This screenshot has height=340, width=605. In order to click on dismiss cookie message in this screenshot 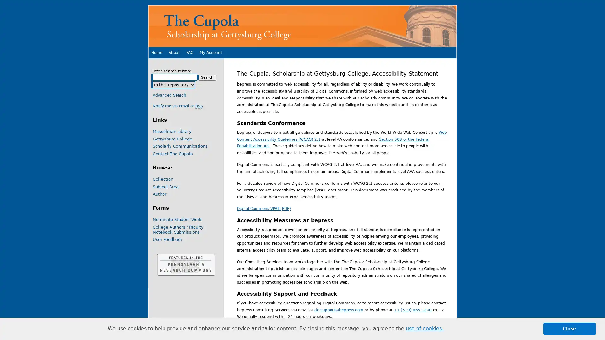, I will do `click(569, 328)`.